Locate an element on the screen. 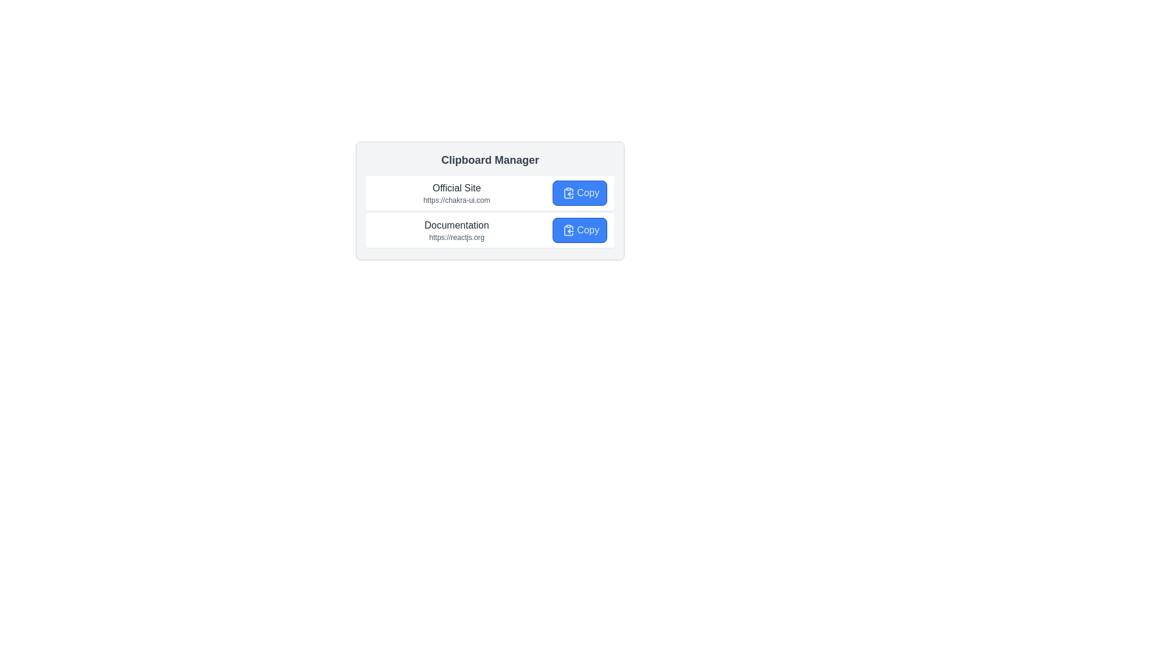 The height and width of the screenshot is (648, 1152). the 'Copy' button with rounded edges, blue background, and white text in the 'Clipboard Manager' interface is located at coordinates (580, 192).